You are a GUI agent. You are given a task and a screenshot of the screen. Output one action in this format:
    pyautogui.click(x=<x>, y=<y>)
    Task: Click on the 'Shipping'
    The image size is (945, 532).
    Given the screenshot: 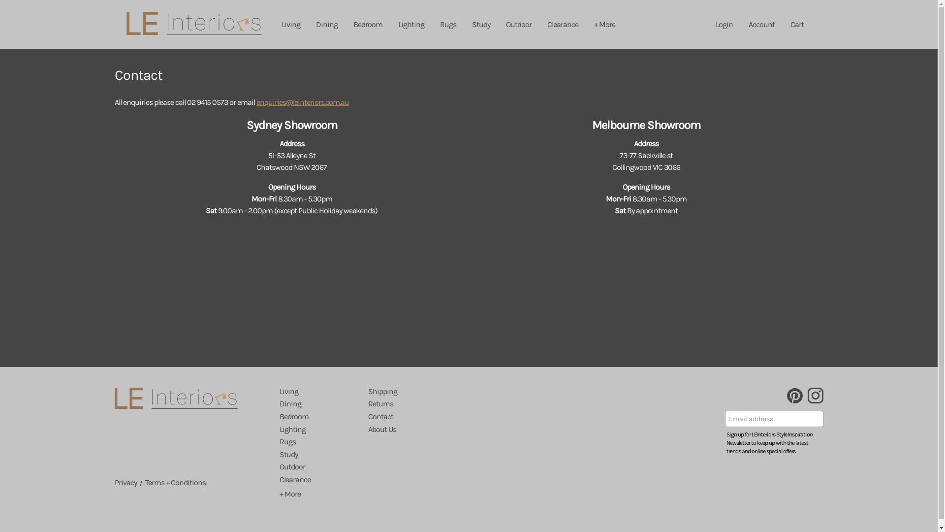 What is the action you would take?
    pyautogui.click(x=368, y=391)
    